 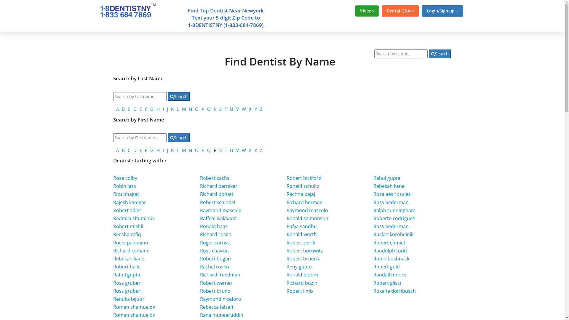 I want to click on 'Reny gupte', so click(x=299, y=266).